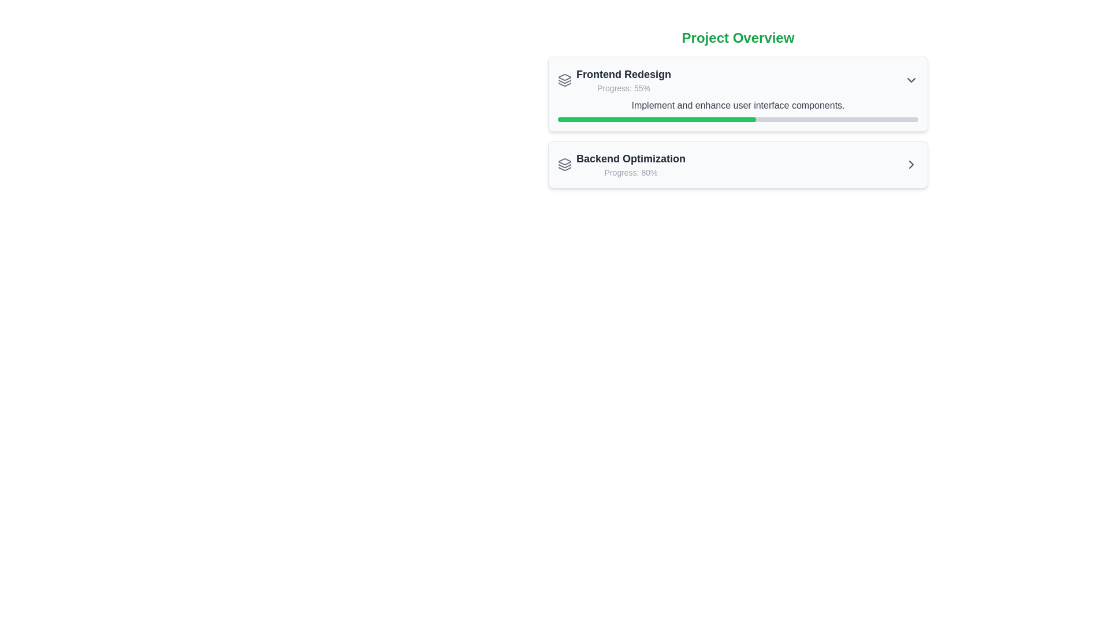  I want to click on the Text Label displaying 'Frontend Redesign' and 'Progress: 55%' located in the upper portion of the card under the 'Project Overview' section, so click(623, 79).